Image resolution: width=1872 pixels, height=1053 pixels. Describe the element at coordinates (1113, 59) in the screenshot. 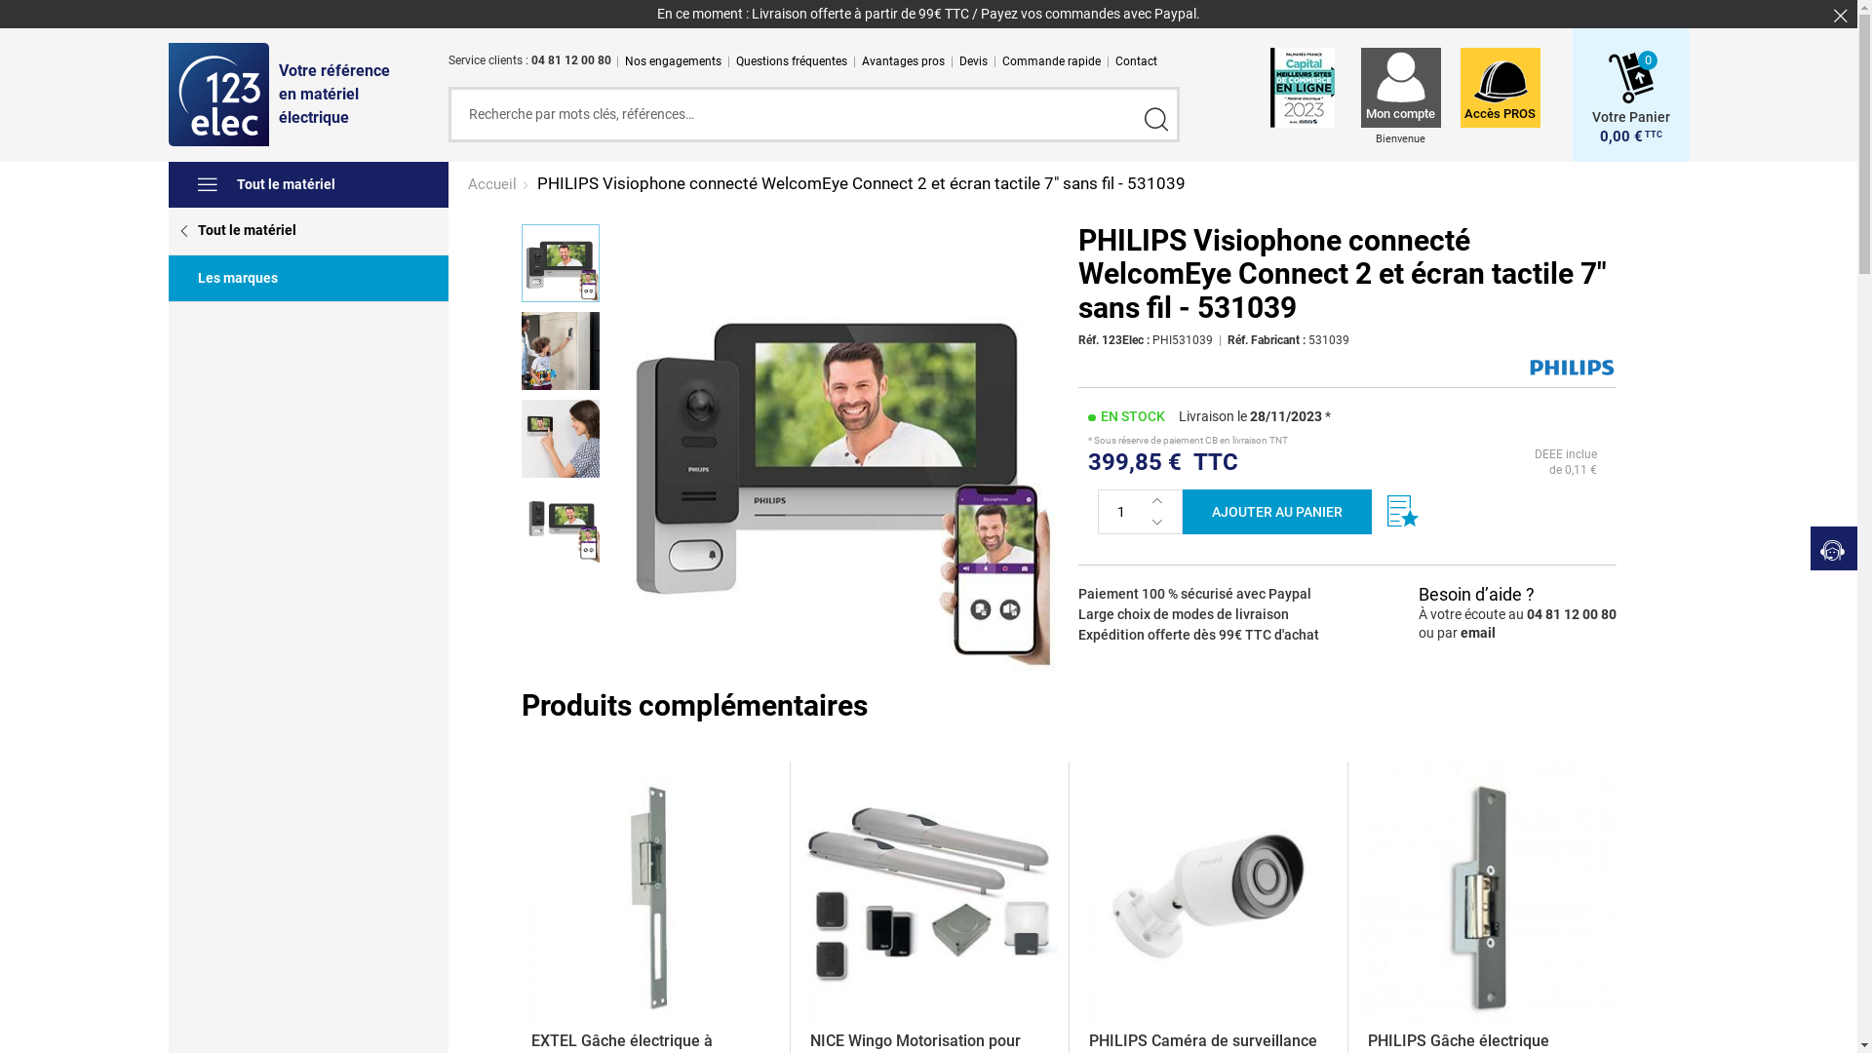

I see `'Contact'` at that location.